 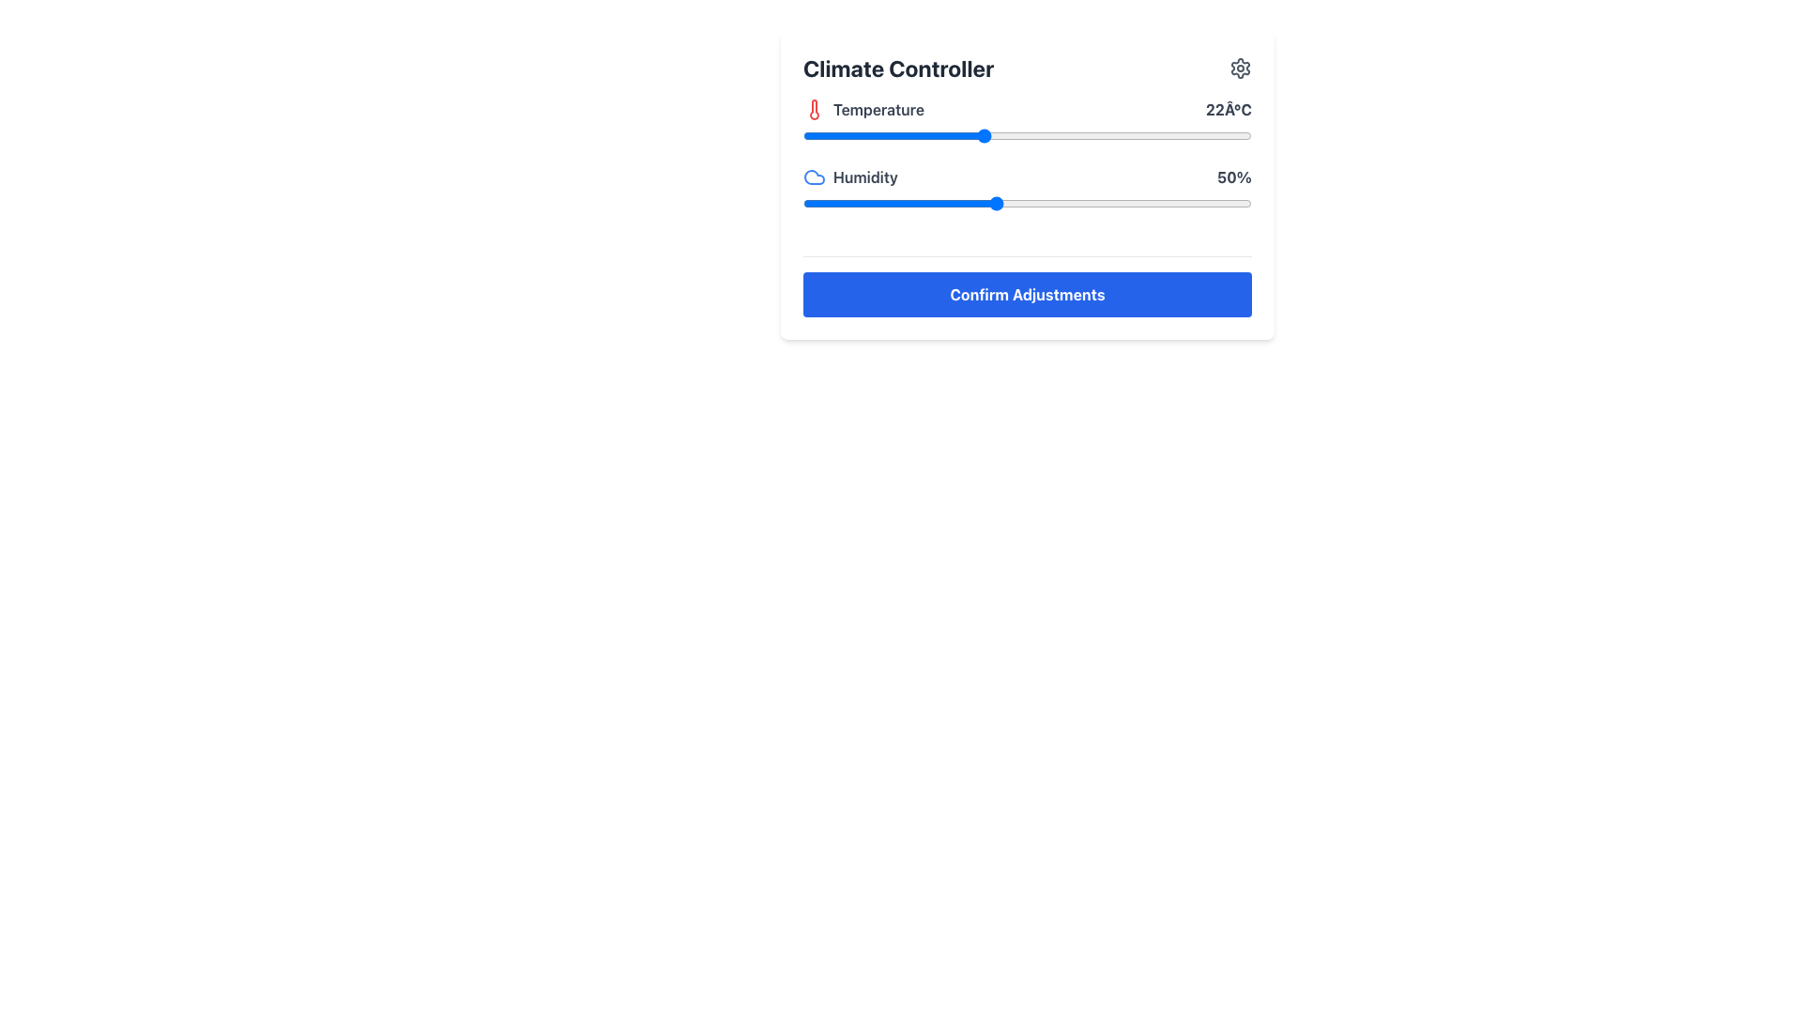 I want to click on the sliders within the climate control interface to adjust temperature or humidity settings, so click(x=1026, y=185).